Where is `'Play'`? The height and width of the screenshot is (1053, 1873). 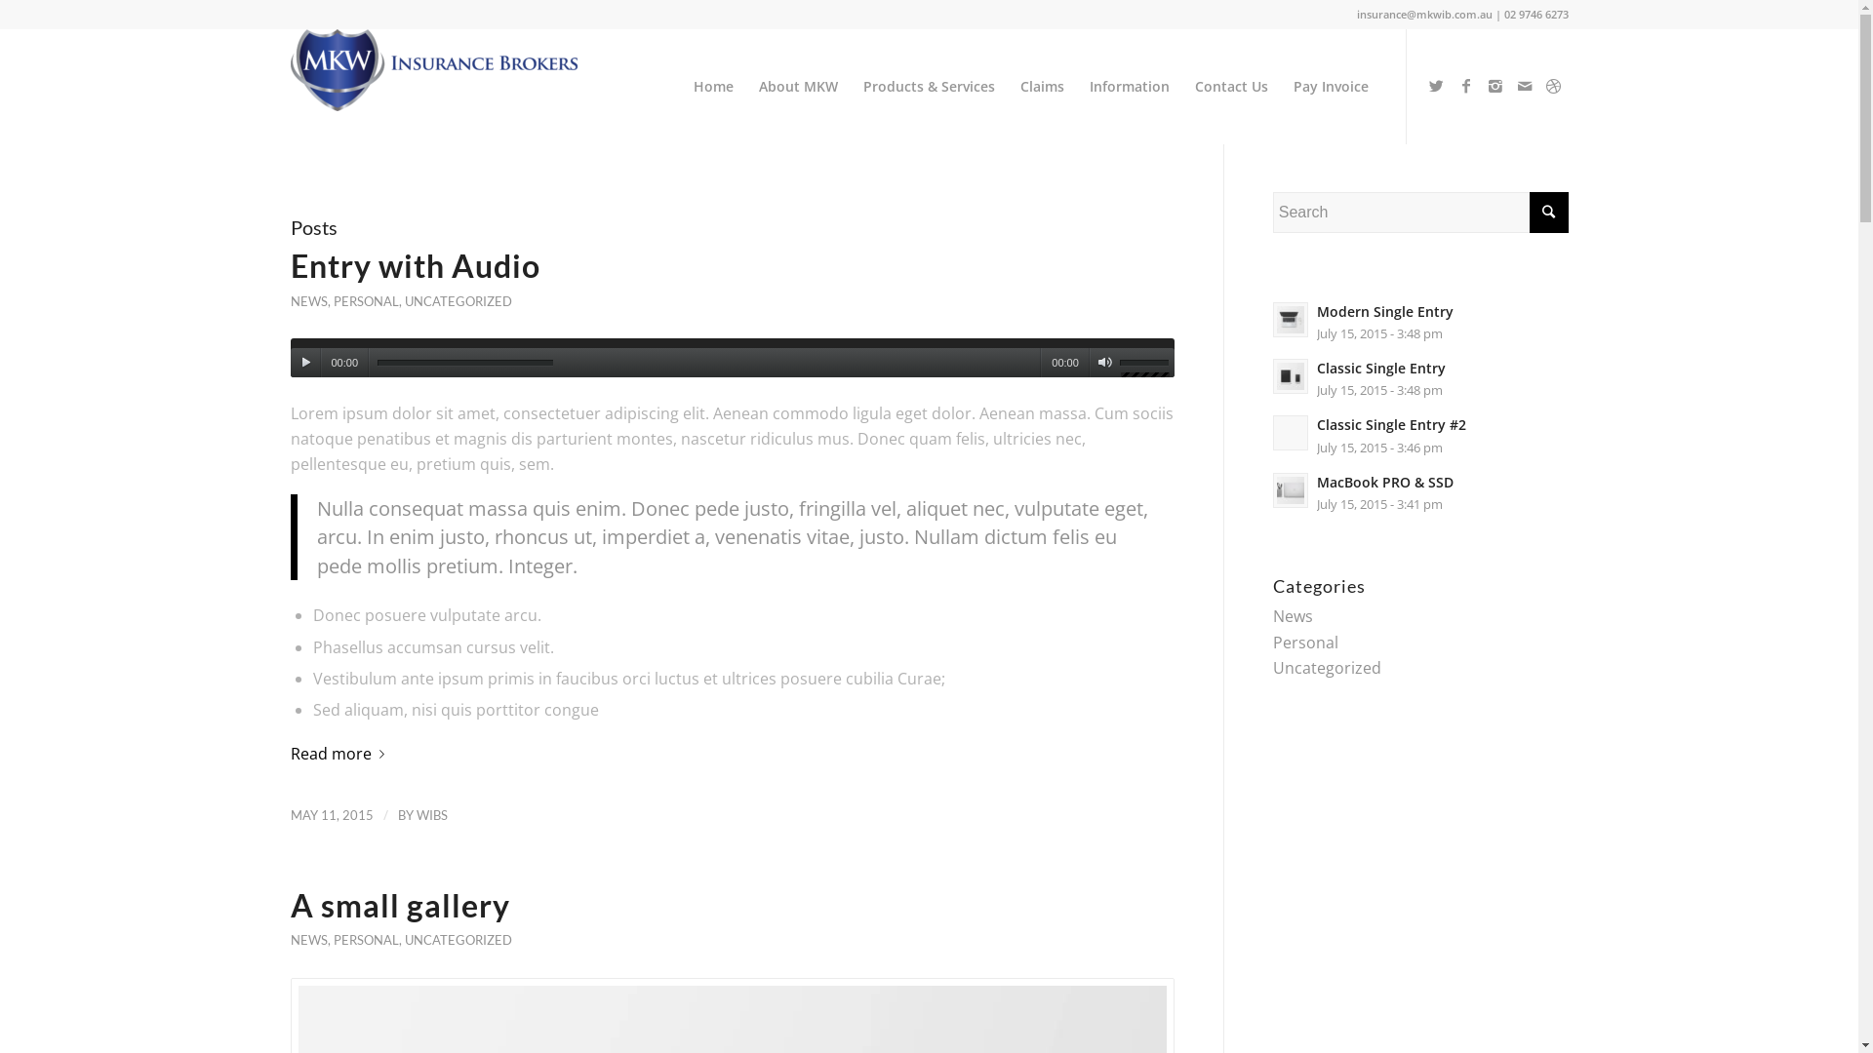 'Play' is located at coordinates (298, 362).